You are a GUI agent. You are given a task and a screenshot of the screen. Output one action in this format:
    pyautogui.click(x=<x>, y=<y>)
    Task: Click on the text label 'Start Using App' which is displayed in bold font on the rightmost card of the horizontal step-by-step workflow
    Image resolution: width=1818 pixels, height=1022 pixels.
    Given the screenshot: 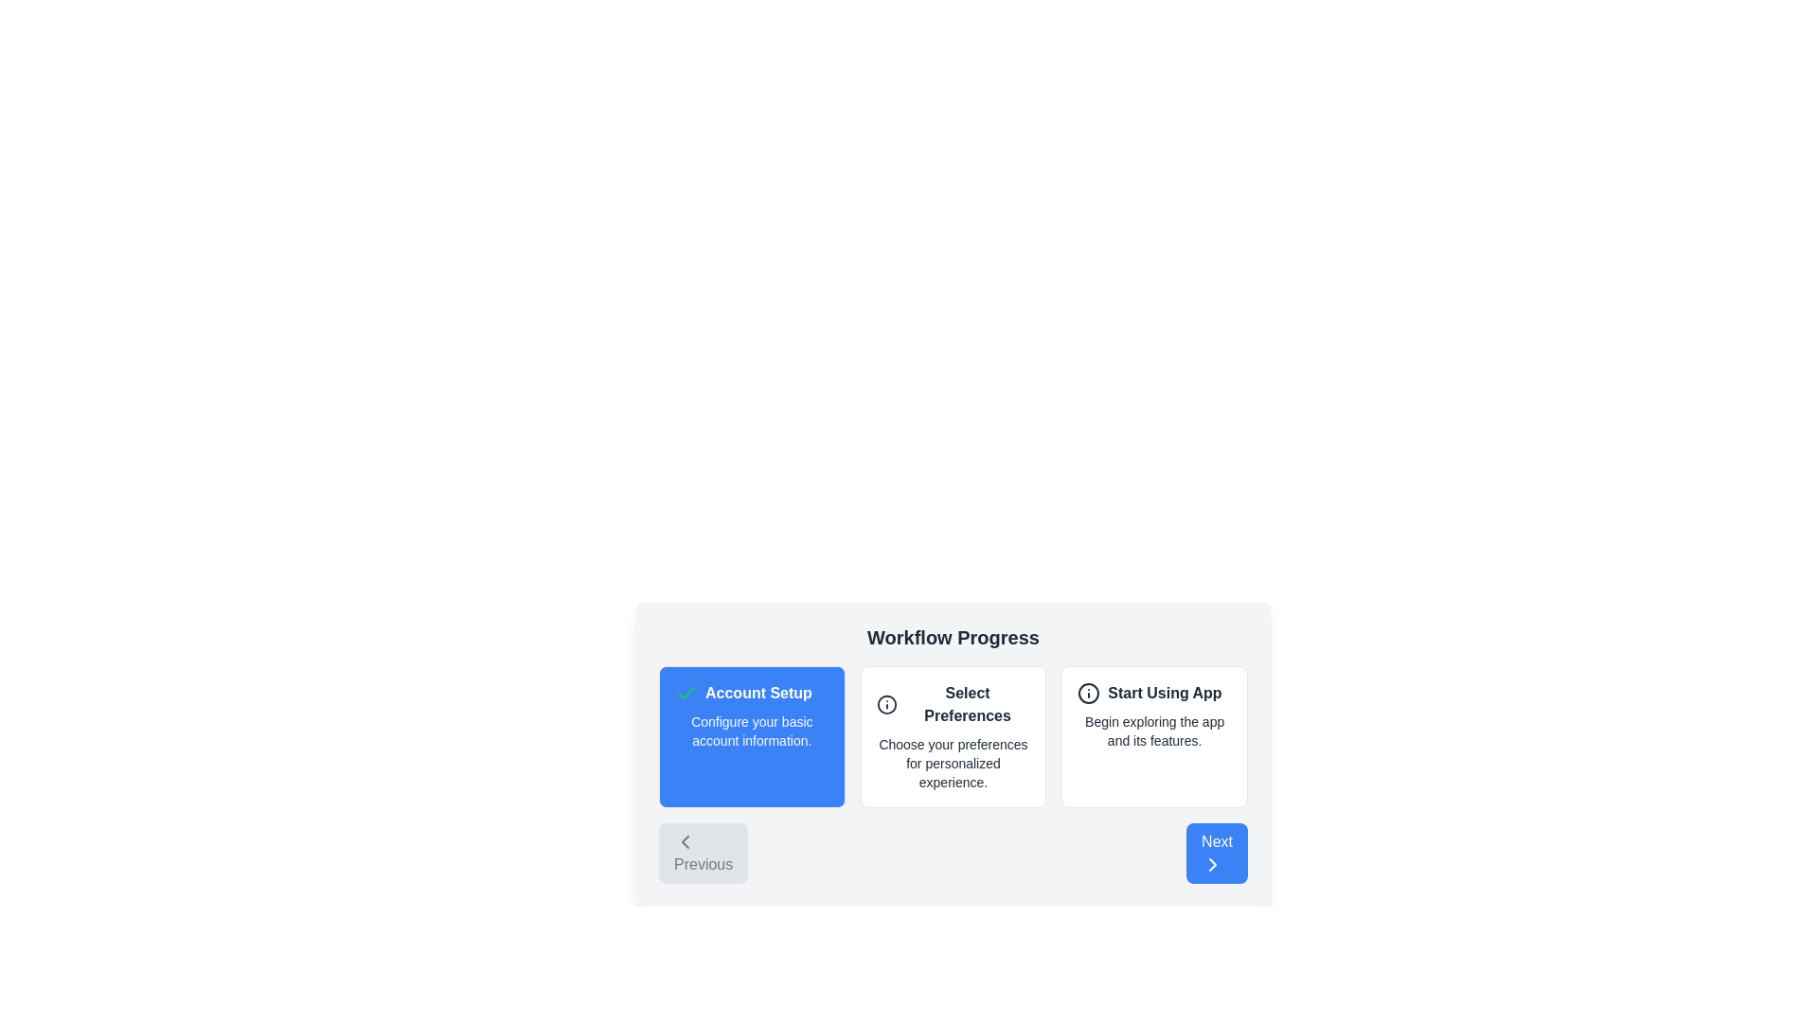 What is the action you would take?
    pyautogui.click(x=1164, y=693)
    